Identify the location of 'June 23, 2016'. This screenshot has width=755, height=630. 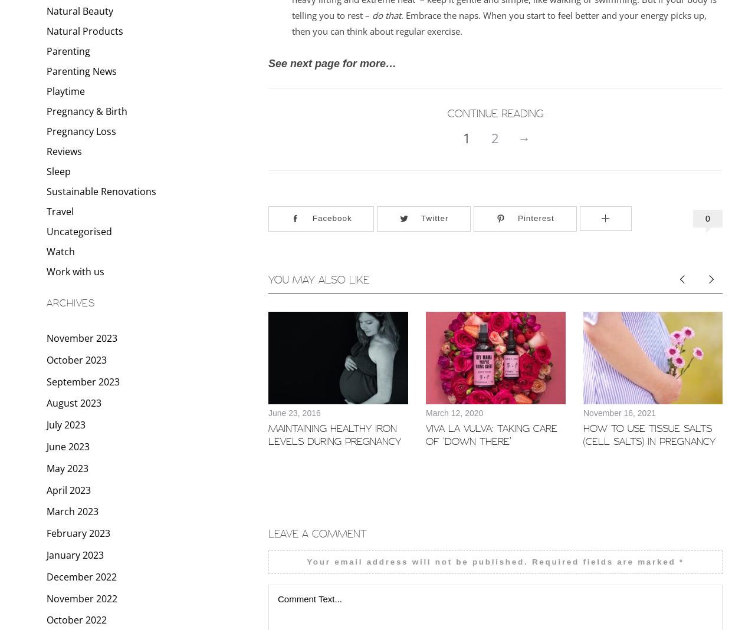
(294, 411).